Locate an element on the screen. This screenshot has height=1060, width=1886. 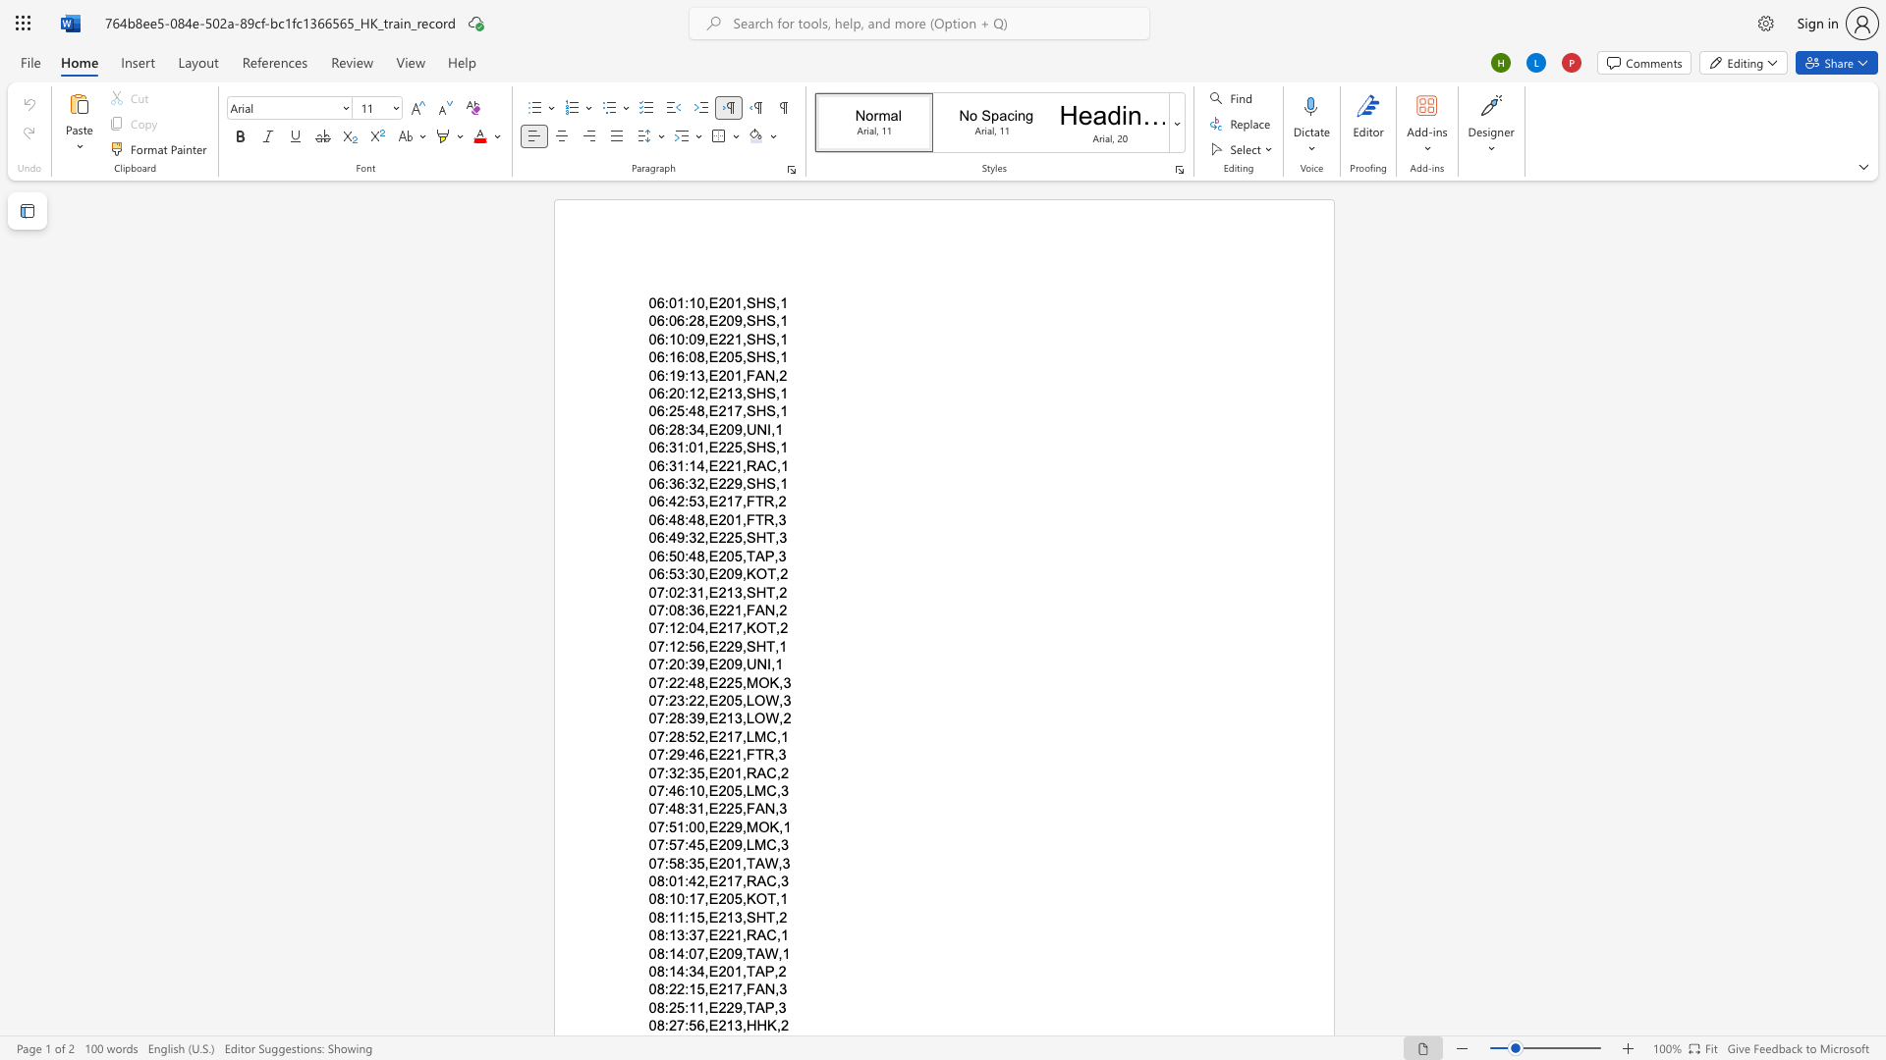
the subset text "AW,1" within the text "08:14:07,E209,TAW,1" is located at coordinates (753, 952).